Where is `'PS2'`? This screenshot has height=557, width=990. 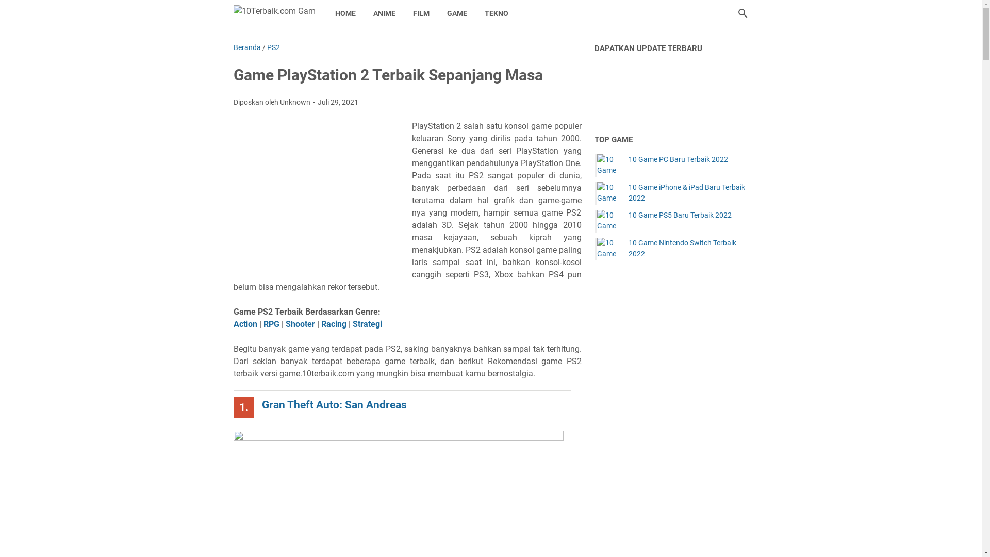 'PS2' is located at coordinates (273, 47).